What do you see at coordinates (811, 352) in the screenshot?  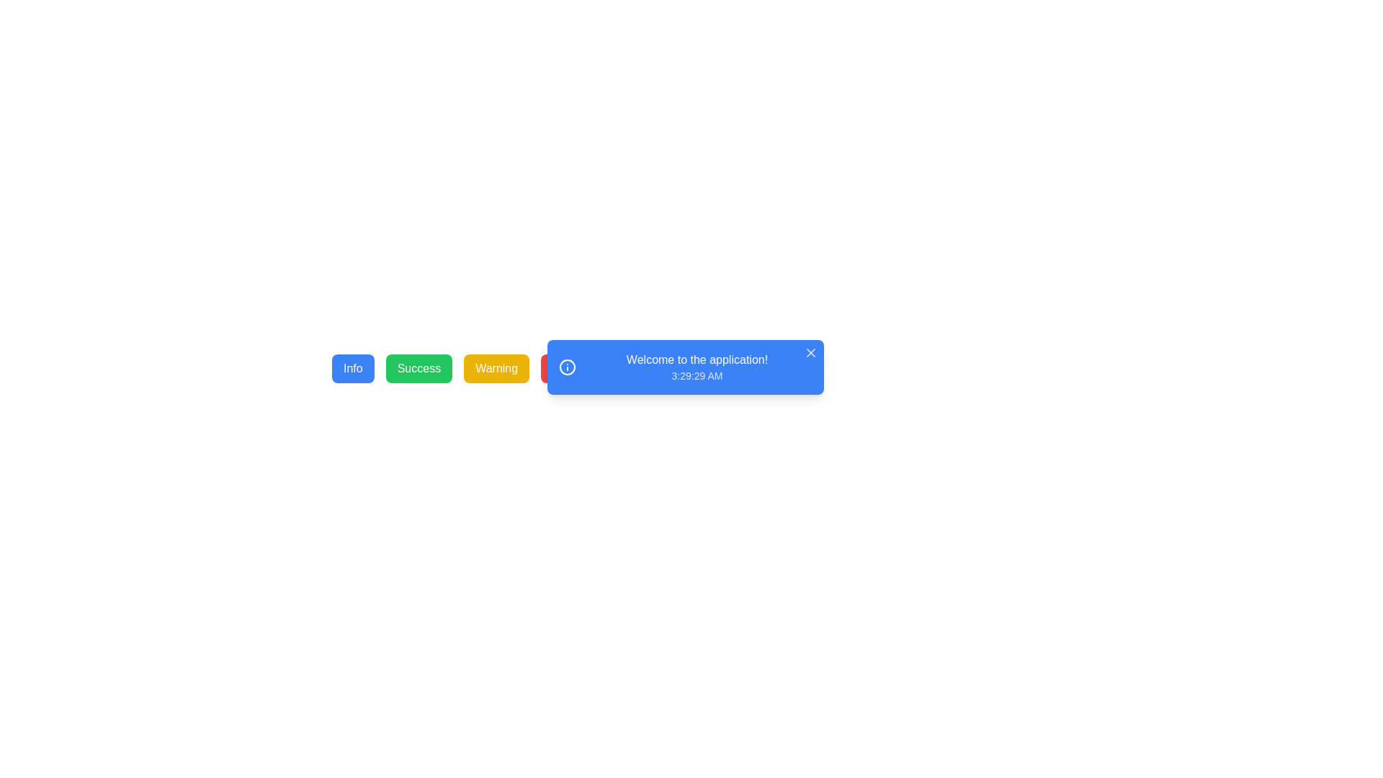 I see `the close or dismiss icon located at the top-right corner of the blue notification card` at bounding box center [811, 352].